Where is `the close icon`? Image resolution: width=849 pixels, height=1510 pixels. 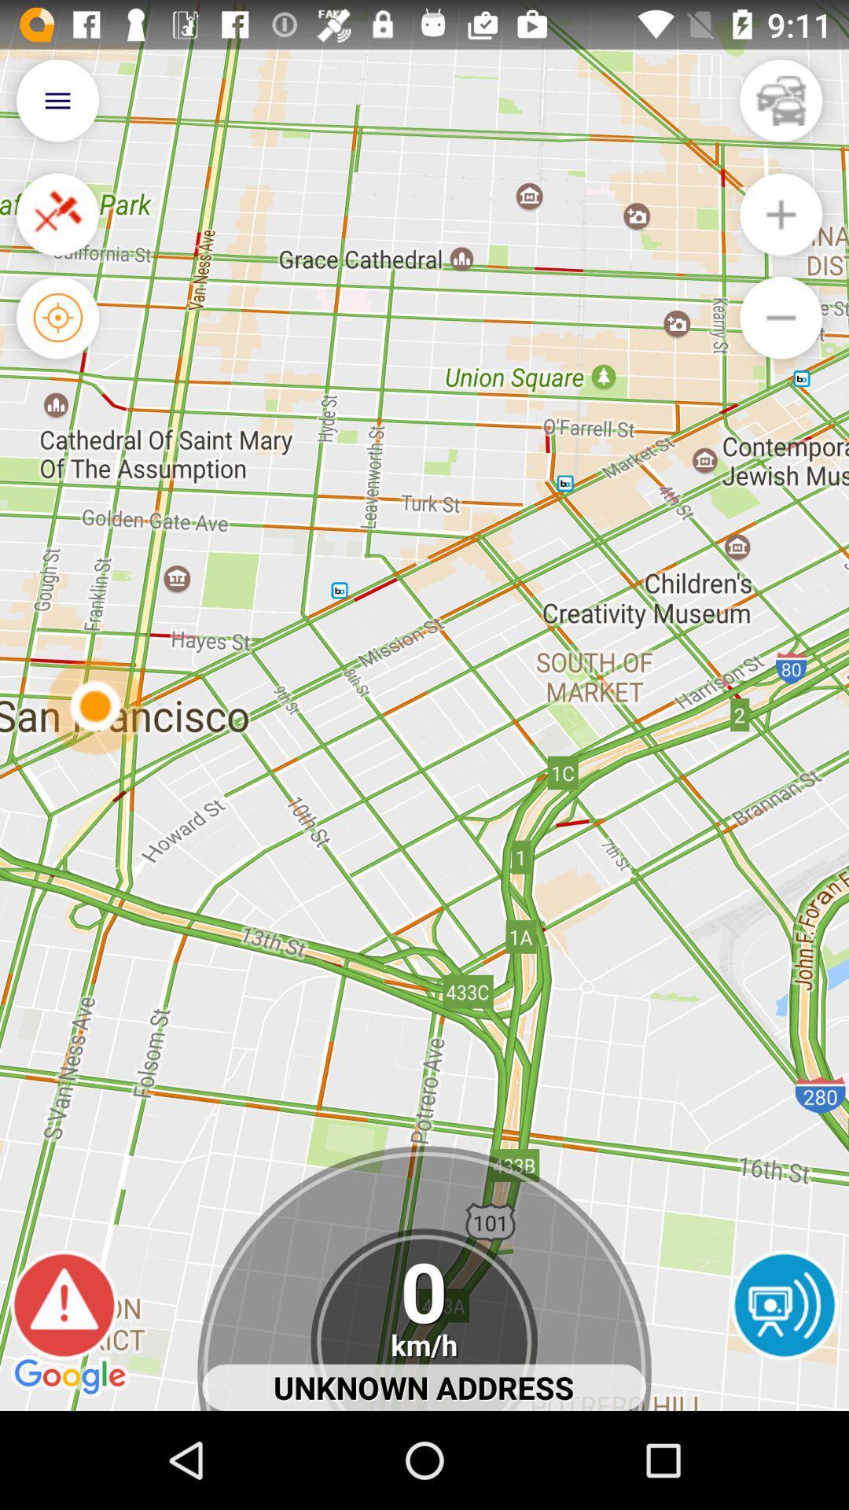 the close icon is located at coordinates (57, 229).